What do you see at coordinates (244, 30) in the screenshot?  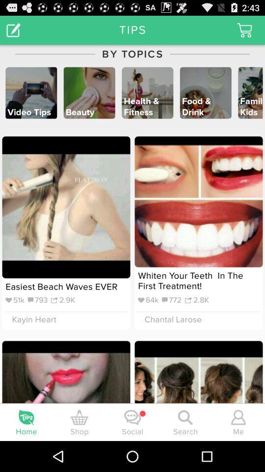 I see `cart` at bounding box center [244, 30].